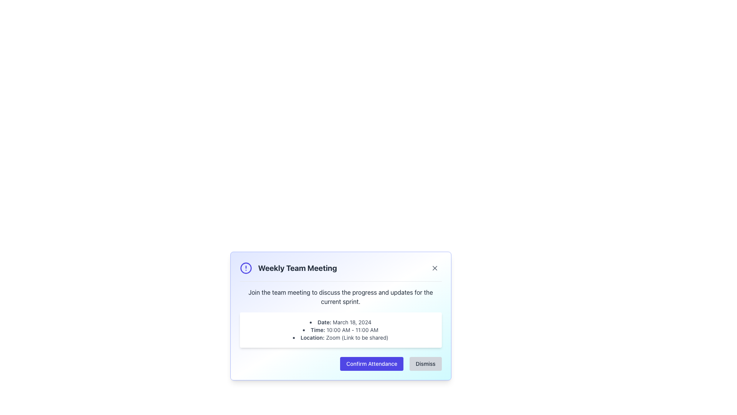 Image resolution: width=737 pixels, height=415 pixels. What do you see at coordinates (340, 330) in the screenshot?
I see `the time duration display element, which is the second item in the vertical list inside the card, positioned between the date and location entries` at bounding box center [340, 330].